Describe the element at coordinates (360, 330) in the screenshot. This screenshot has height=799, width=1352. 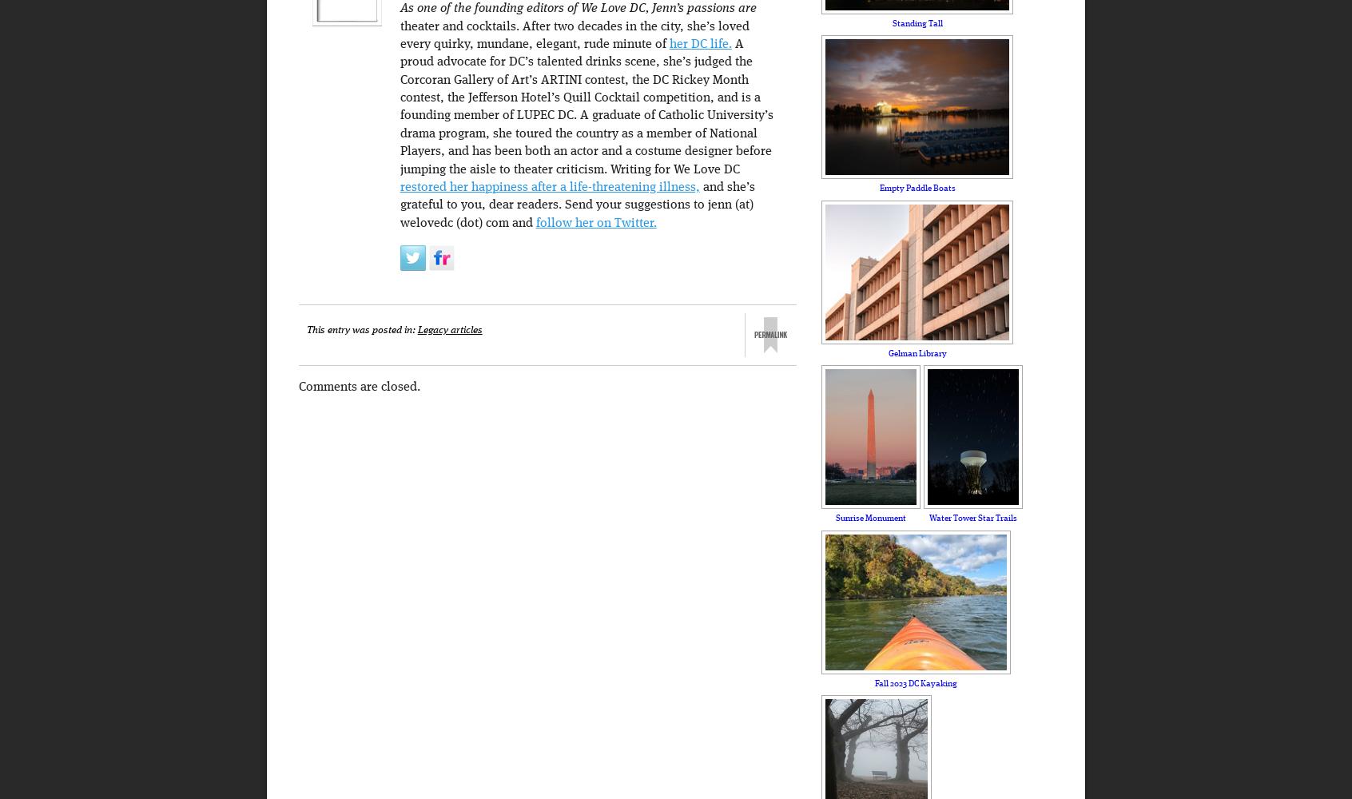
I see `'This entry was posted in:'` at that location.